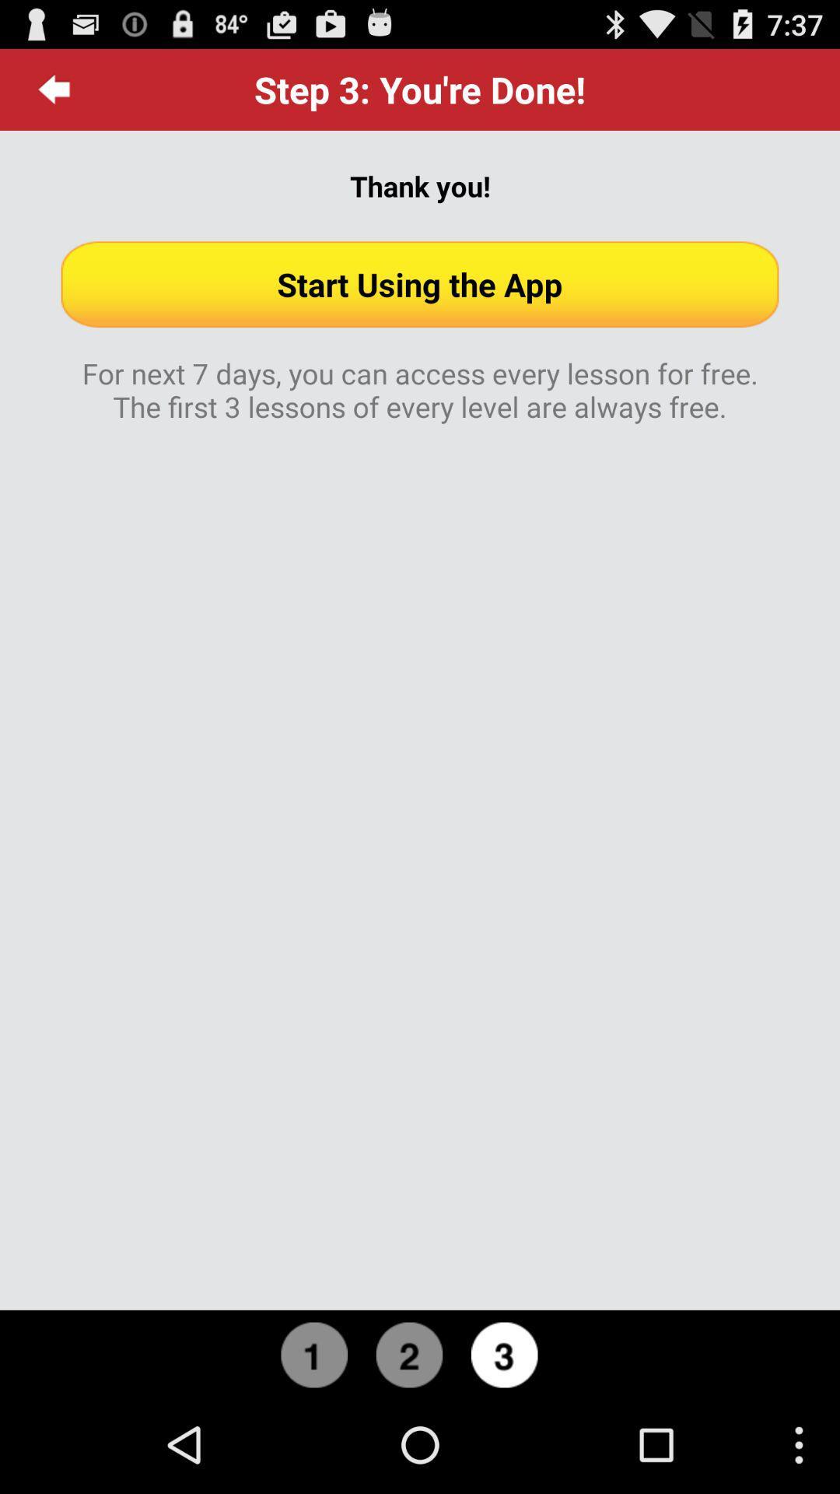 This screenshot has width=840, height=1494. I want to click on start using the button, so click(420, 284).